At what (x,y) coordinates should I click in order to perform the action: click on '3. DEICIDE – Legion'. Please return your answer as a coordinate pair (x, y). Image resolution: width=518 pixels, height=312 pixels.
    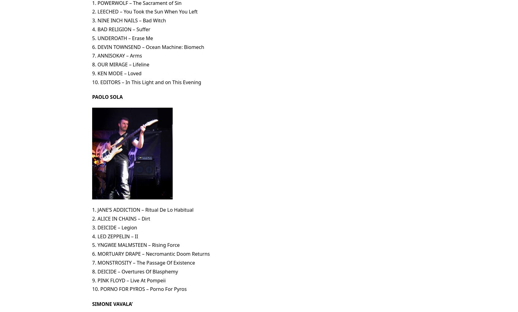
    Looking at the image, I should click on (92, 227).